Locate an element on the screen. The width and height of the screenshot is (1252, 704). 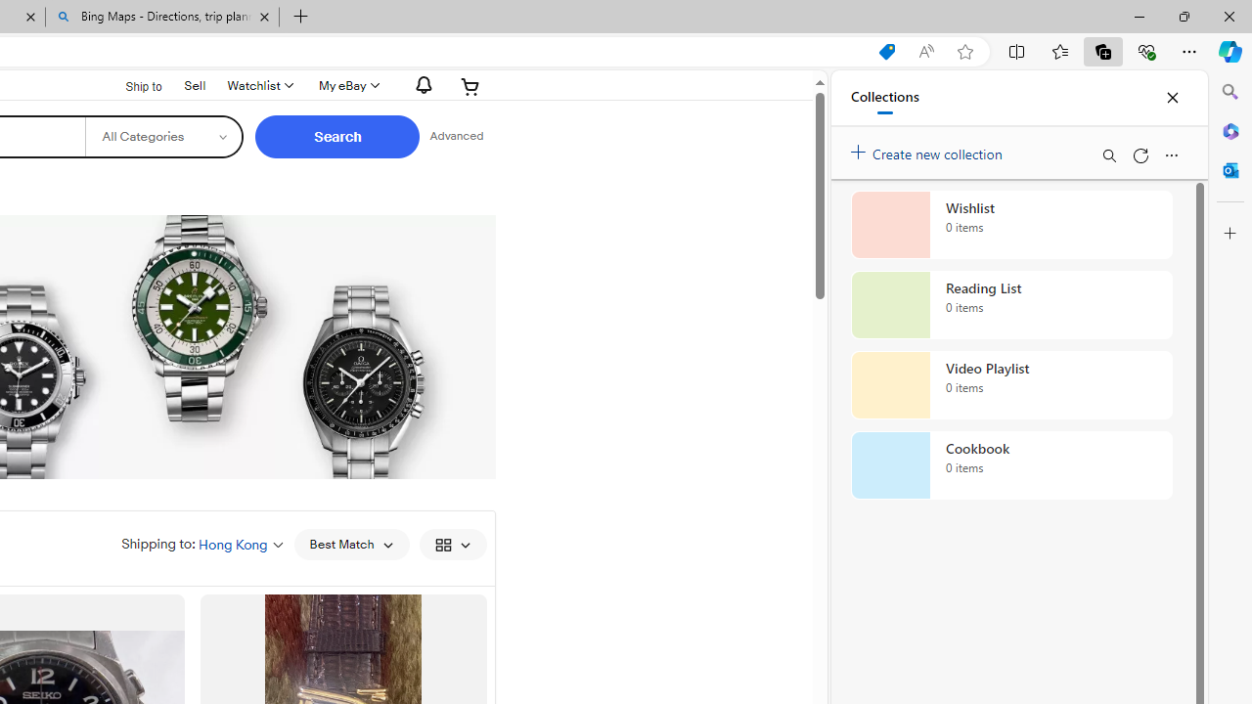
'Notifications' is located at coordinates (418, 84).